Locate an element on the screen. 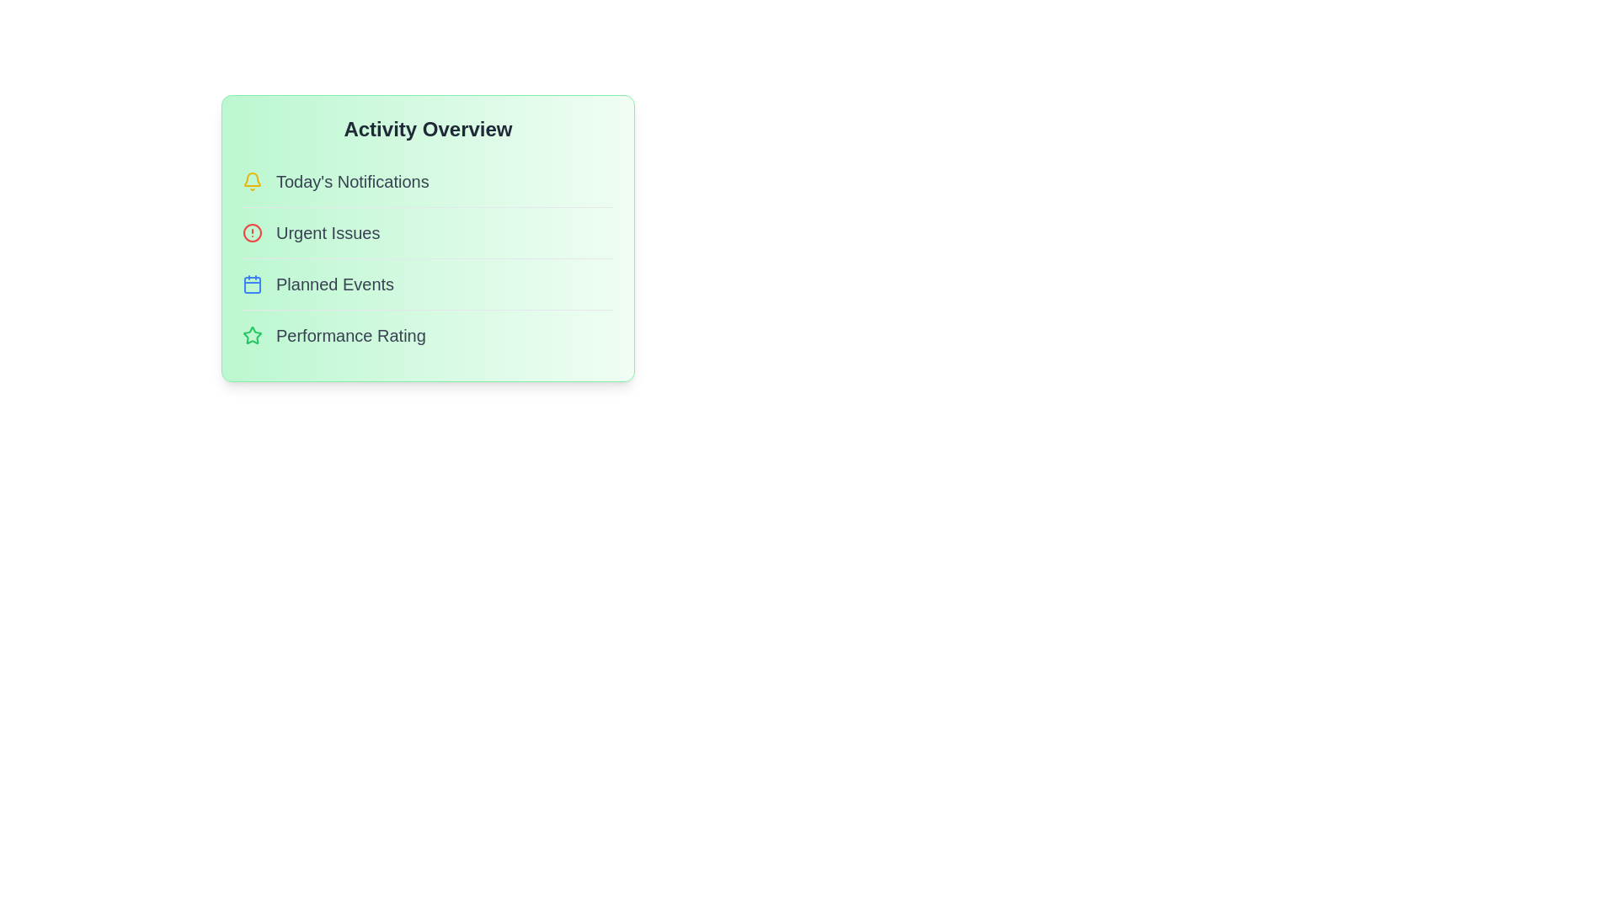 This screenshot has width=1617, height=909. the 'Planned Events' list item within the 'Activity Overview' panel to interact is located at coordinates (428, 283).